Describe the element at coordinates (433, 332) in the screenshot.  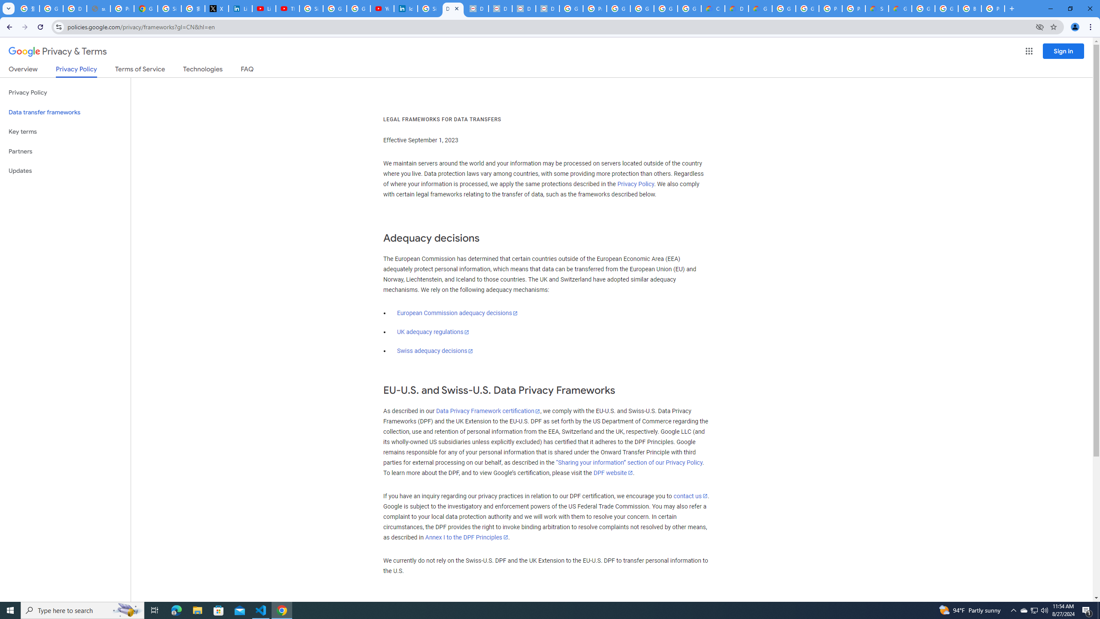
I see `'UK adequacy regulations'` at that location.